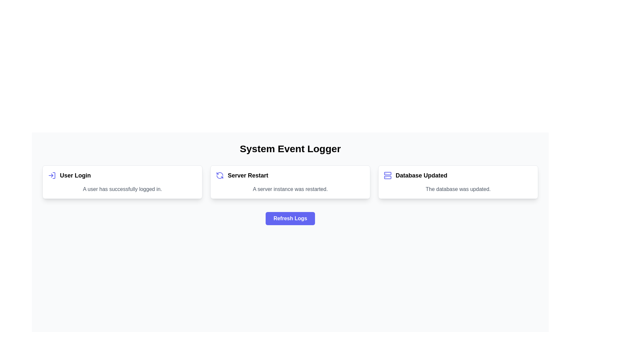 This screenshot has width=632, height=355. Describe the element at coordinates (290, 218) in the screenshot. I see `the refresh log button located centrally below the 'User Login', 'Server Restart', and 'Database Updated' cards` at that location.